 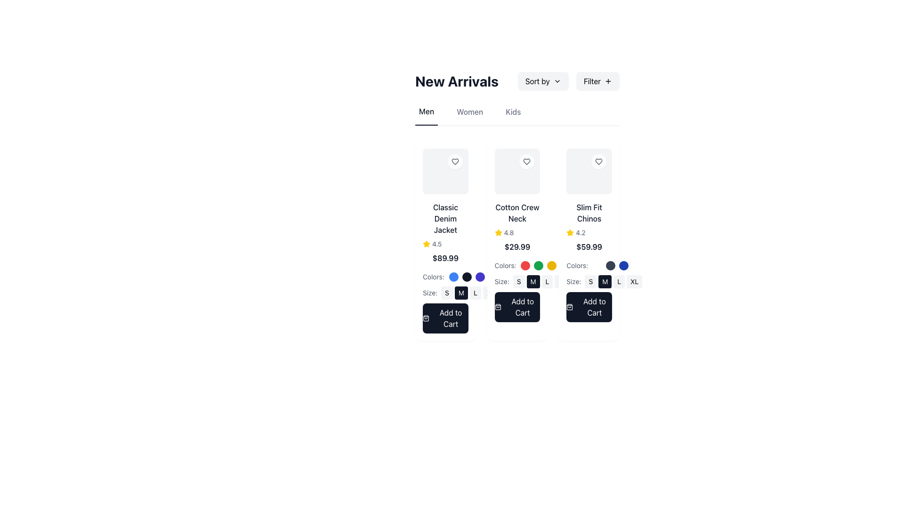 What do you see at coordinates (589, 213) in the screenshot?
I see `the text label displaying the product name in the third product card under the 'New Arrivals' section, located directly below the placeholder image area` at bounding box center [589, 213].